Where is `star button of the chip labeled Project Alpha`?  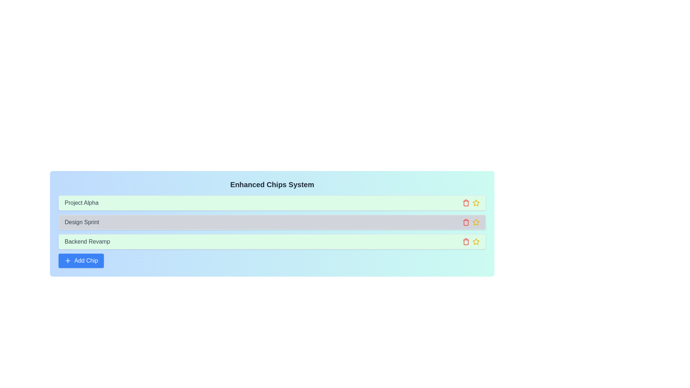 star button of the chip labeled Project Alpha is located at coordinates (476, 203).